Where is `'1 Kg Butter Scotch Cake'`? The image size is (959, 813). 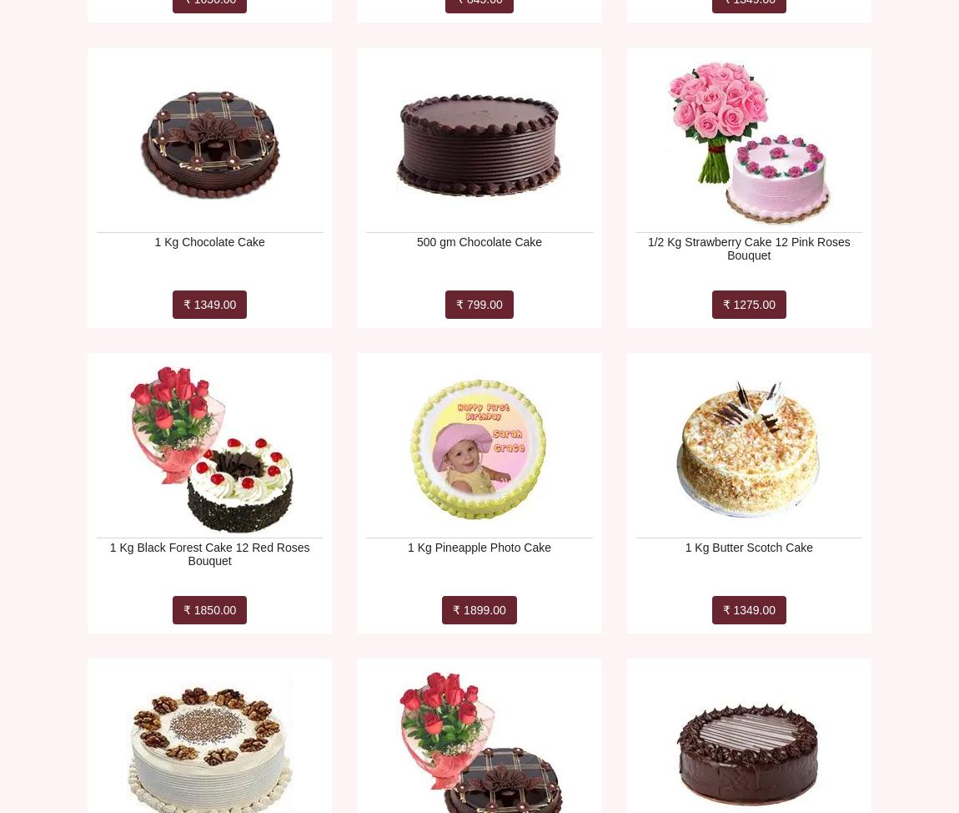 '1 Kg Butter Scotch Cake' is located at coordinates (748, 547).